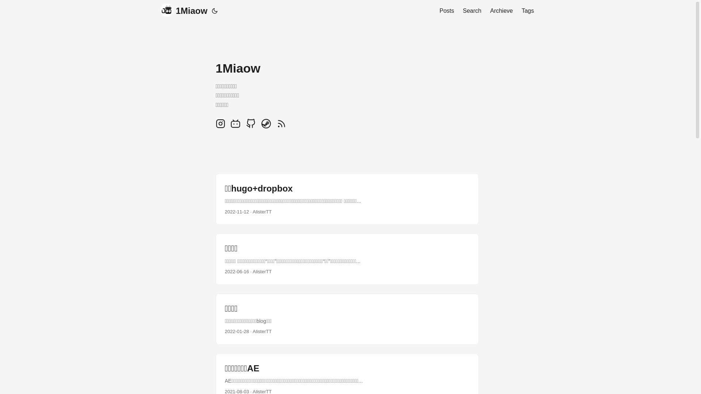 This screenshot has height=394, width=701. What do you see at coordinates (447, 11) in the screenshot?
I see `'Posts'` at bounding box center [447, 11].